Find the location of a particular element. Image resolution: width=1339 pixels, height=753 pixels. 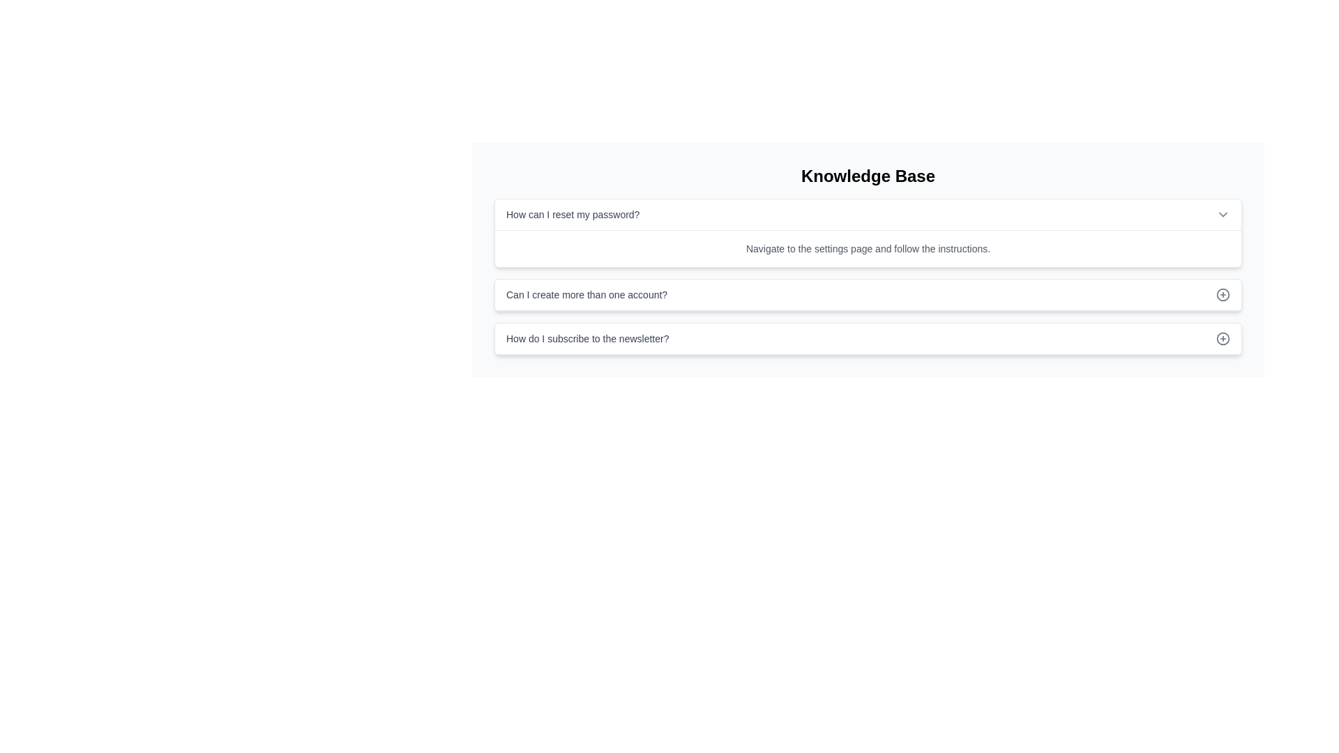

the icon (circle with a plus sign) located at the far-right end of the item labeled 'Can I create more than one account?' is located at coordinates (1222, 294).